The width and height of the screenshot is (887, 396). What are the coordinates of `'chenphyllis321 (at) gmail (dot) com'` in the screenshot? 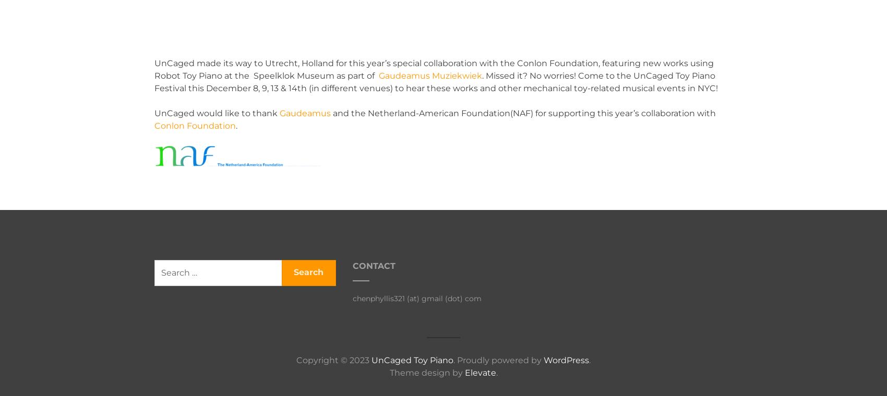 It's located at (416, 298).